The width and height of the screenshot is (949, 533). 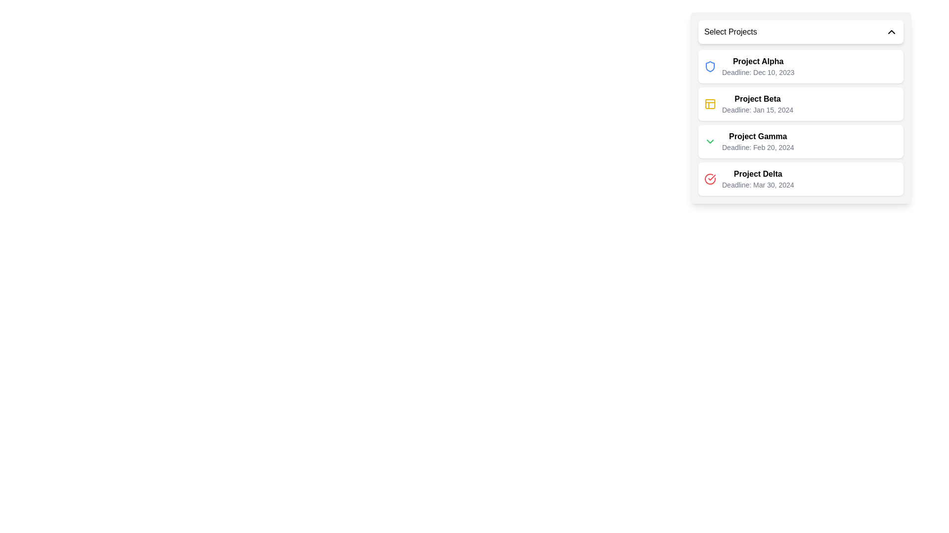 What do you see at coordinates (757, 174) in the screenshot?
I see `the text label that identifies the project named 'Project Delta', which is the first part of the fourth entry in the dropdown menu labeled 'Select Projects'` at bounding box center [757, 174].